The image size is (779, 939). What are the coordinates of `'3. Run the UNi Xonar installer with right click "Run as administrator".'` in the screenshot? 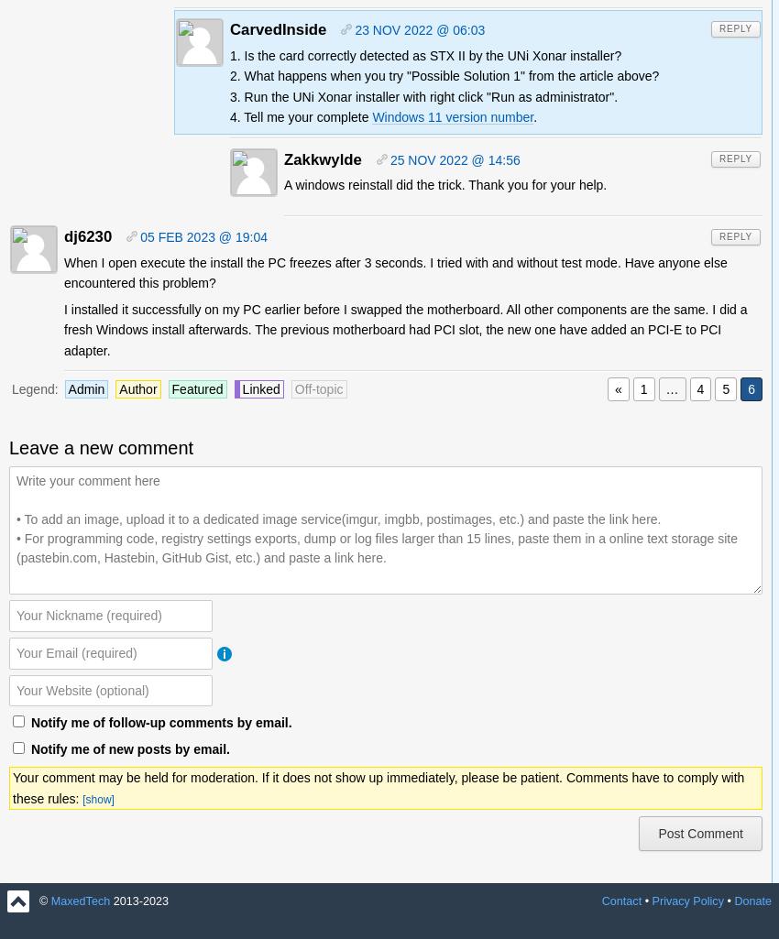 It's located at (422, 95).